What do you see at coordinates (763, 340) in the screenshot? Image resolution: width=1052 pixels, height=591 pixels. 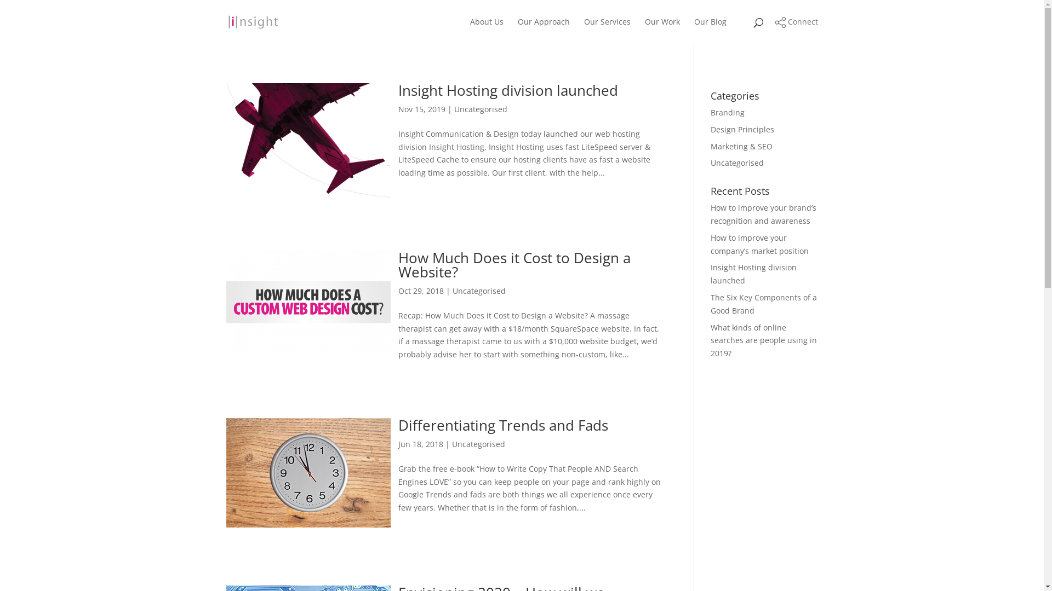 I see `'What kinds of online searches are people using in 2019?'` at bounding box center [763, 340].